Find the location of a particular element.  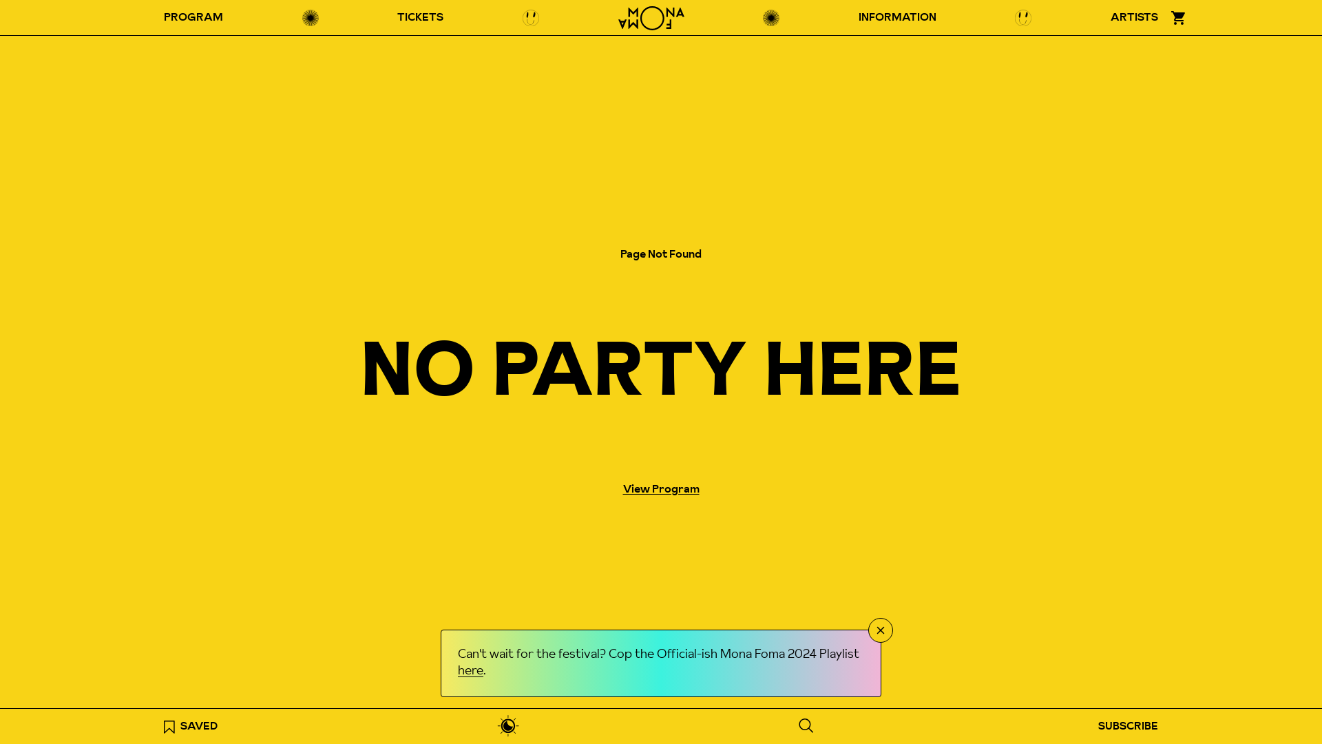

'SUBSCRIBE' is located at coordinates (1128, 725).